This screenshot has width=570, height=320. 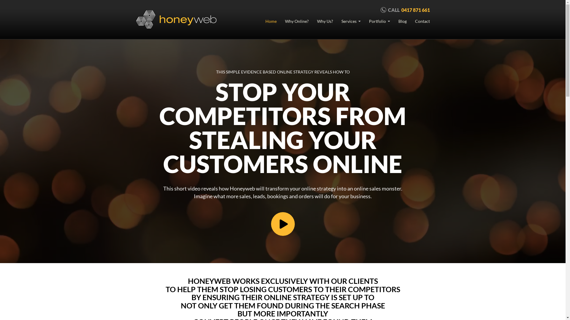 What do you see at coordinates (405, 10) in the screenshot?
I see `'CALL  0417 871 661'` at bounding box center [405, 10].